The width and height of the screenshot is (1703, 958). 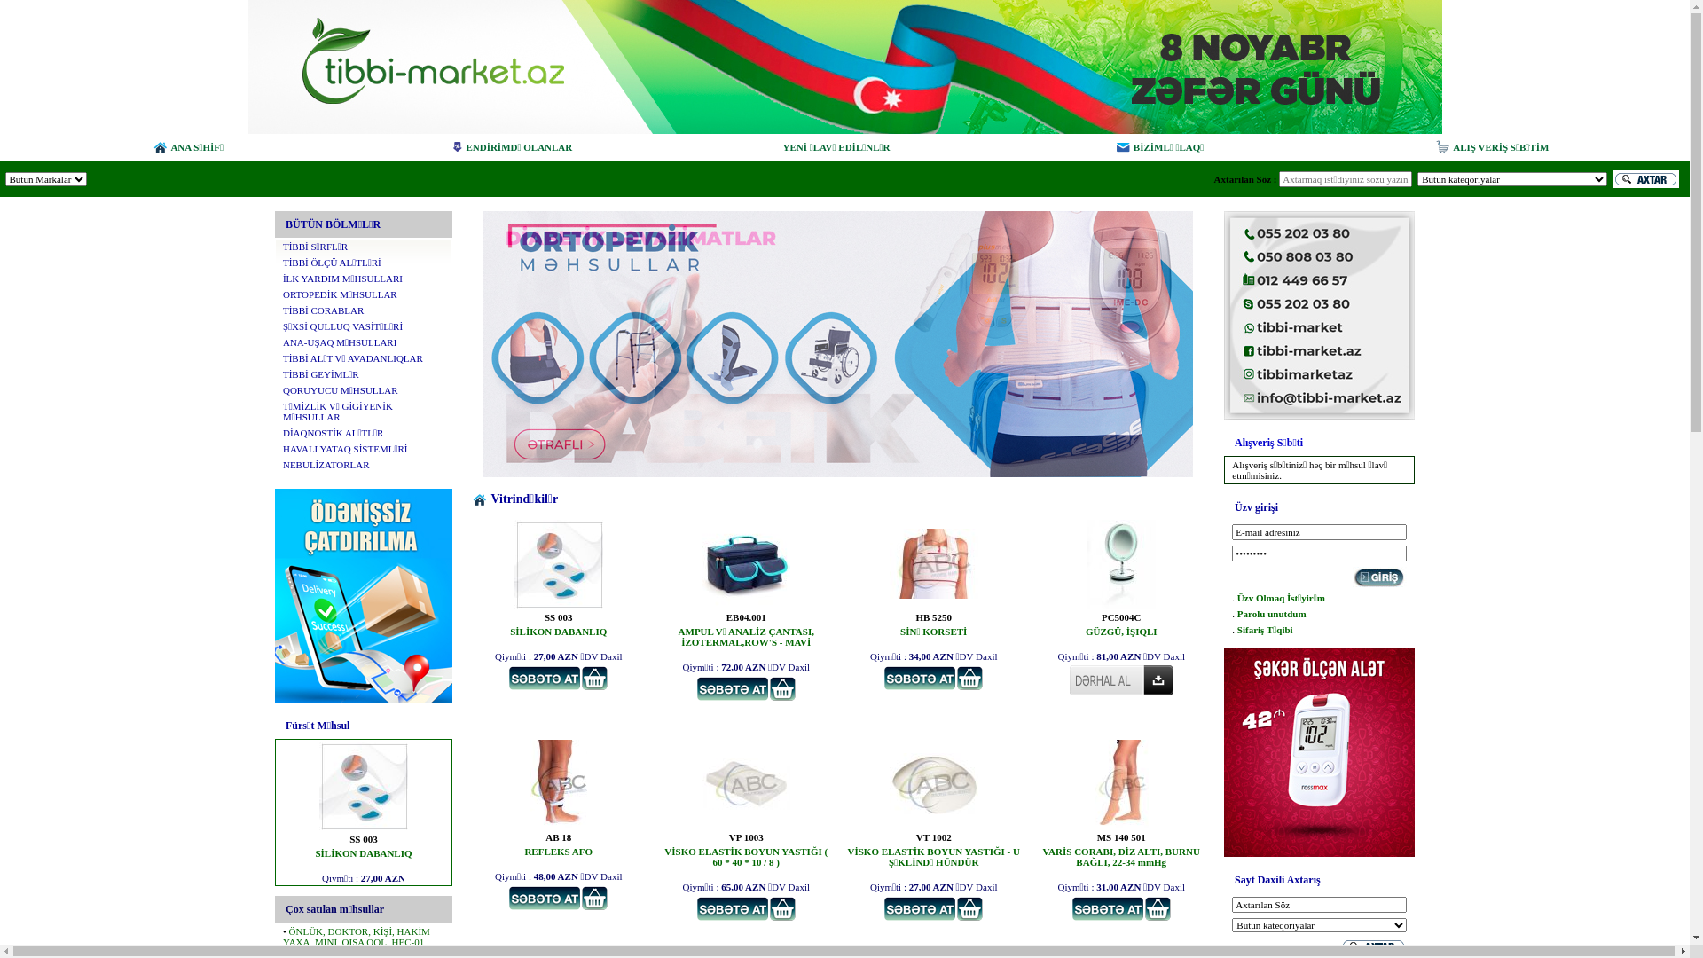 I want to click on 'Parolu unutdum', so click(x=1271, y=612).